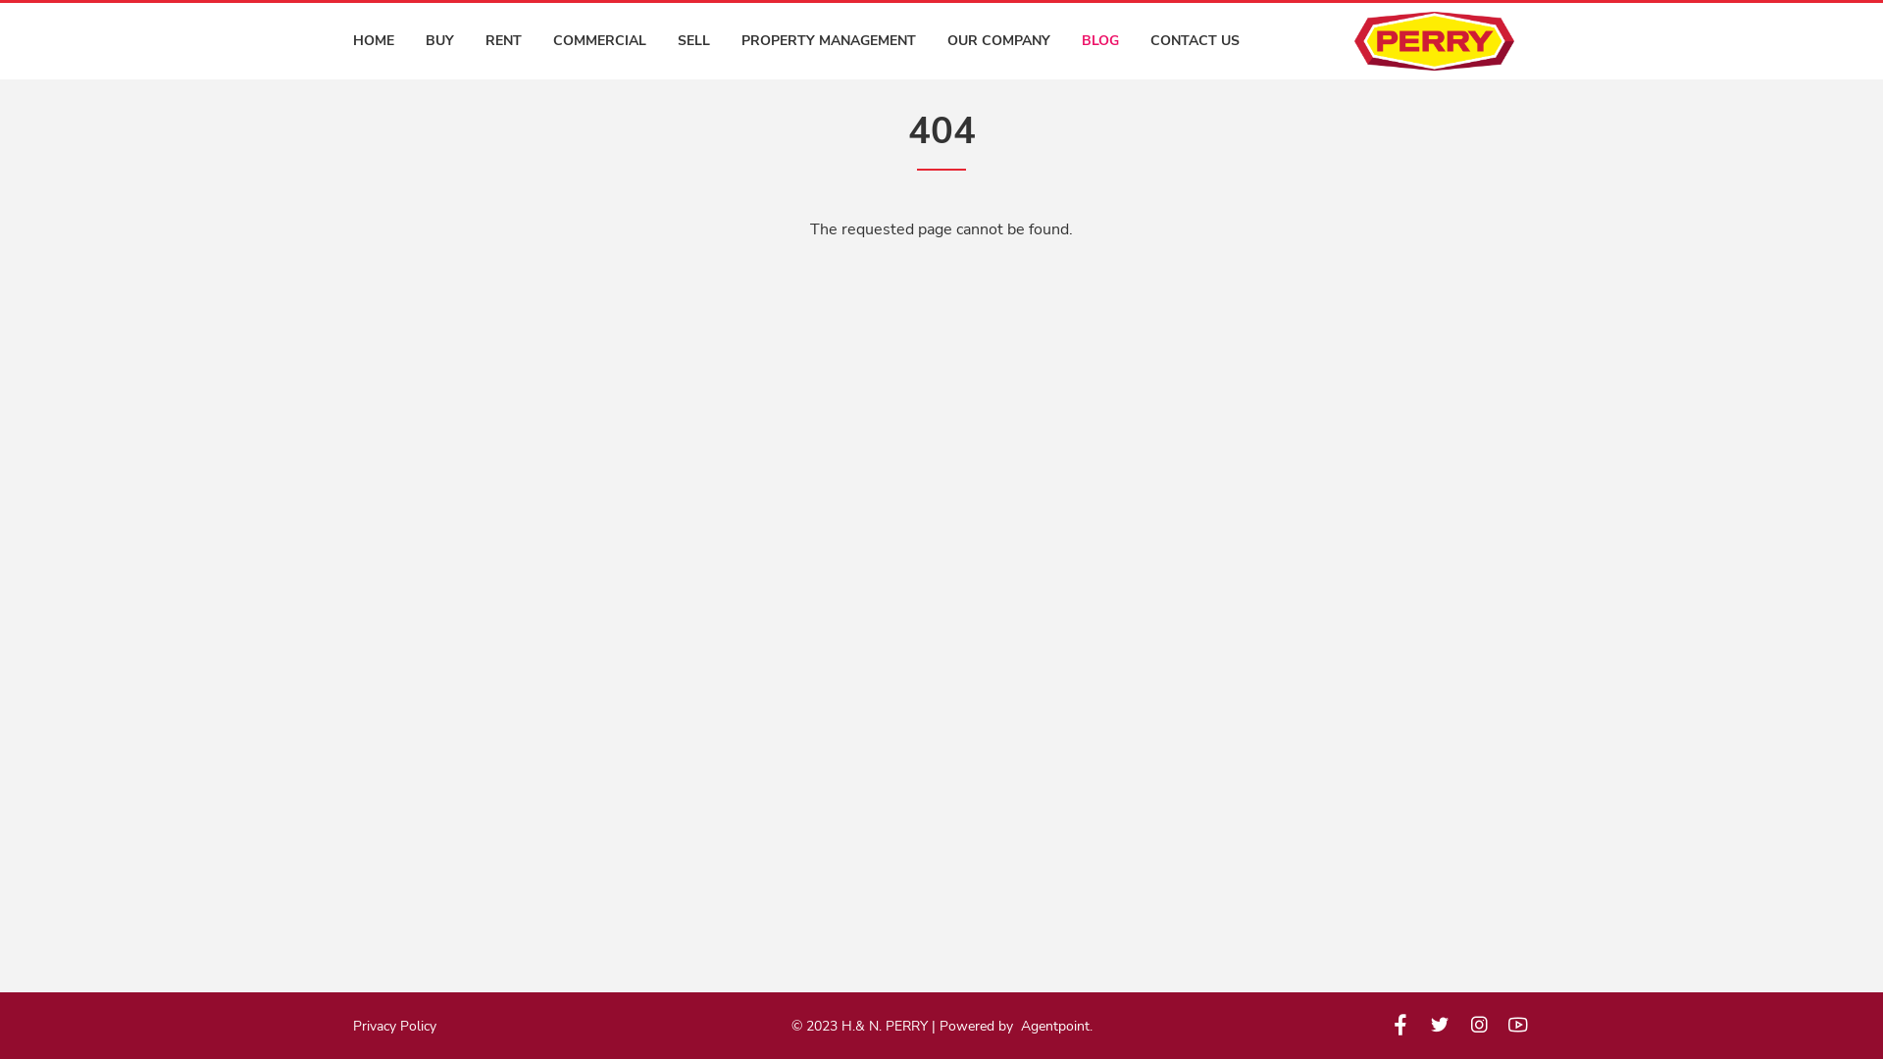  Describe the element at coordinates (598, 41) in the screenshot. I see `'COMMERCIAL'` at that location.